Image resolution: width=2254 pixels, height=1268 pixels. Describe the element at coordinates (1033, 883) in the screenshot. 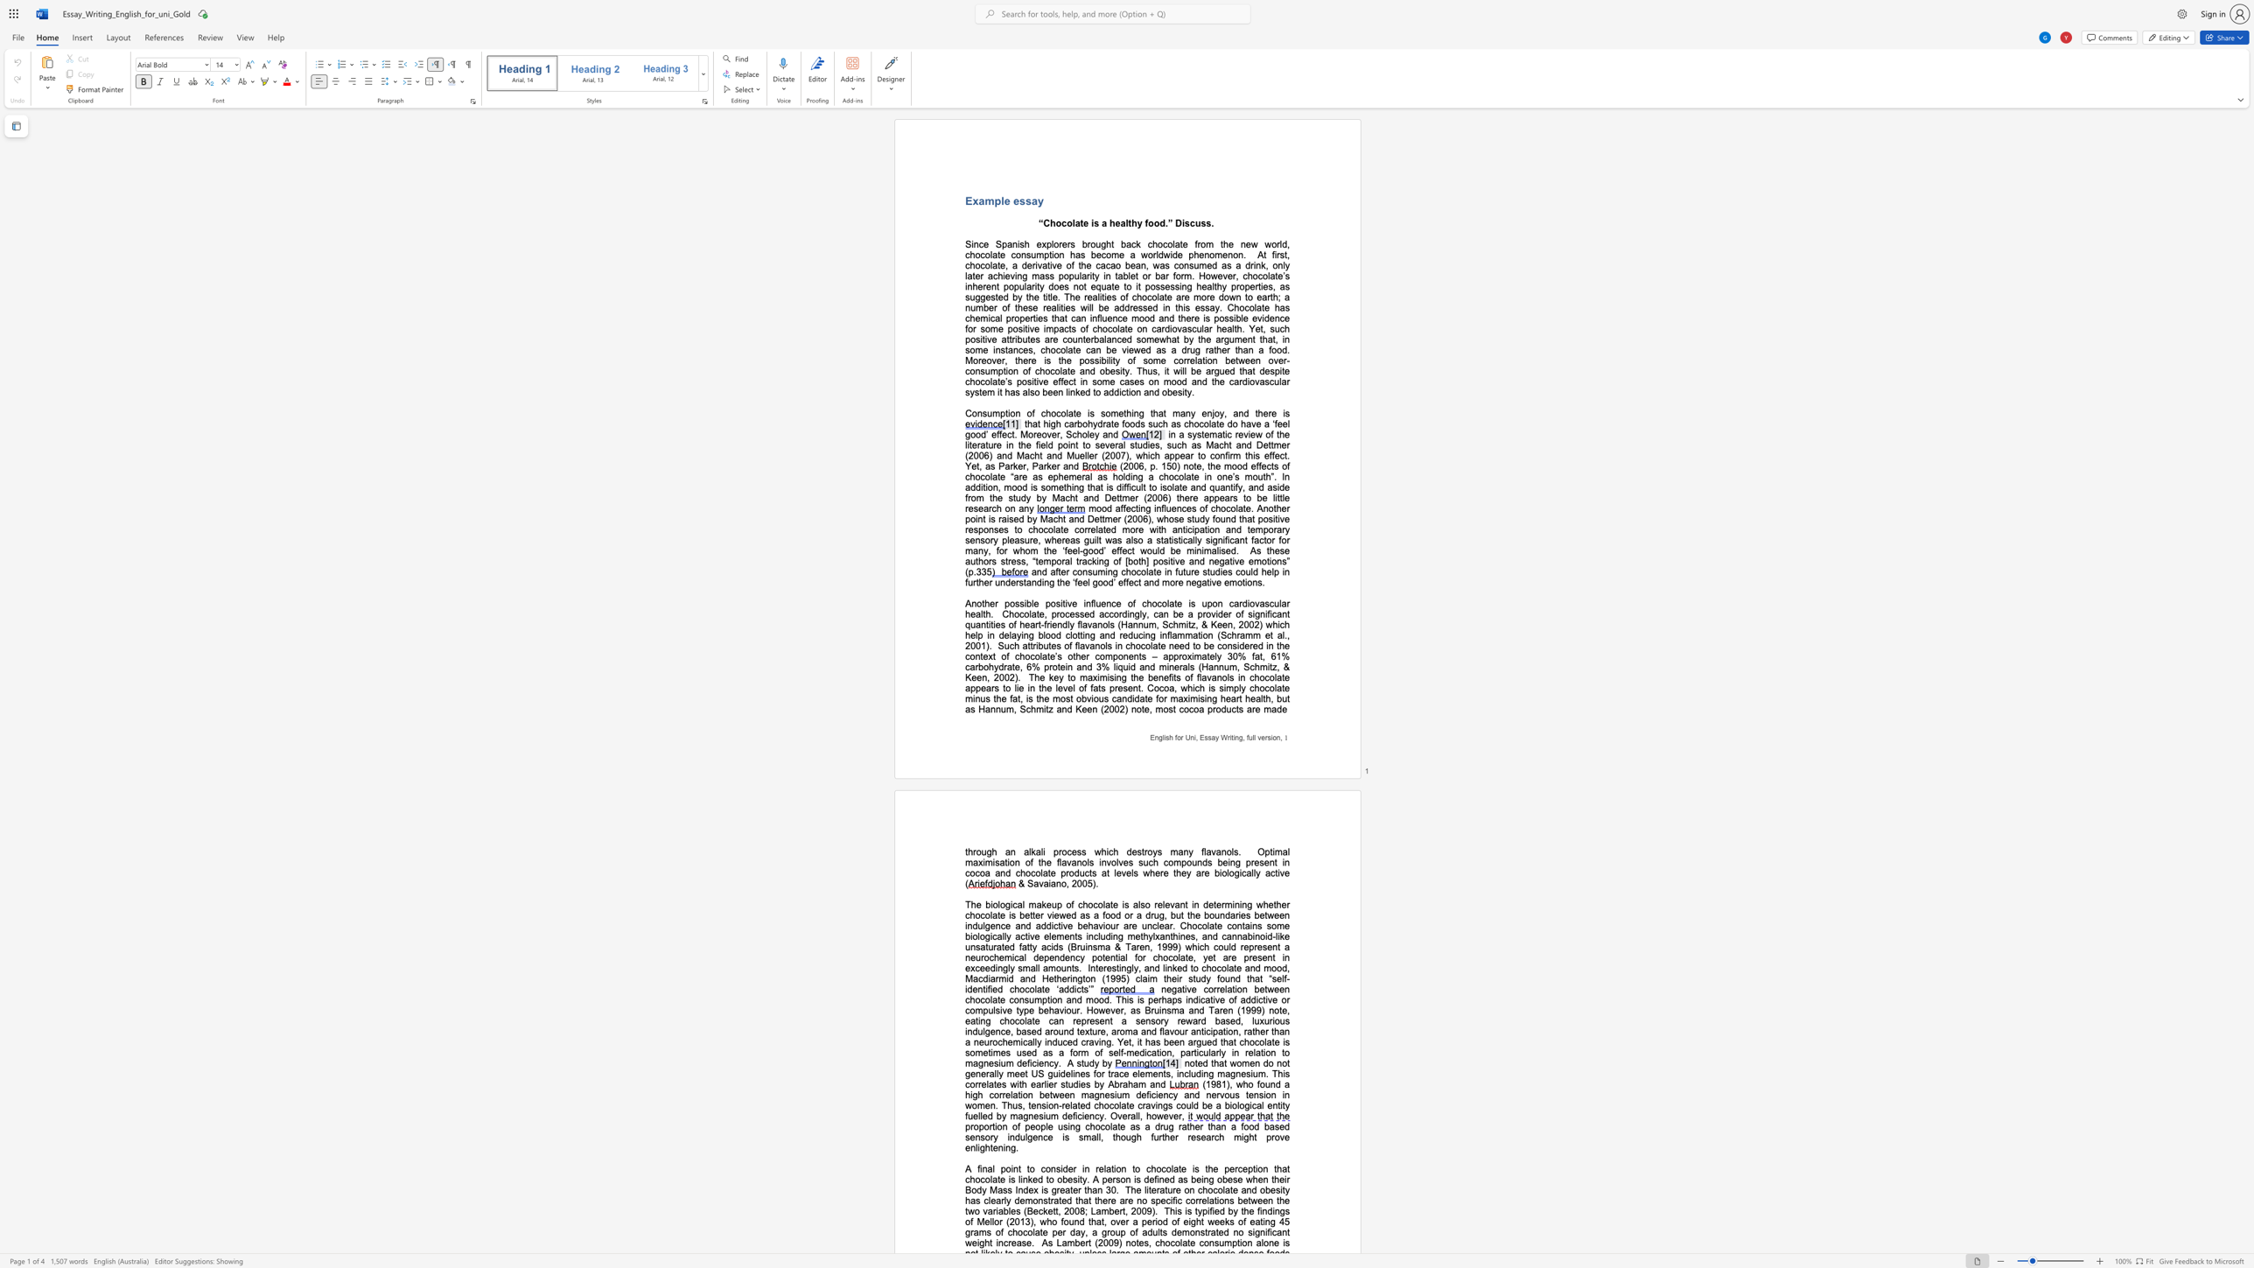

I see `the subset text "avaiano," within the text "& Savaiano, 2005)."` at that location.